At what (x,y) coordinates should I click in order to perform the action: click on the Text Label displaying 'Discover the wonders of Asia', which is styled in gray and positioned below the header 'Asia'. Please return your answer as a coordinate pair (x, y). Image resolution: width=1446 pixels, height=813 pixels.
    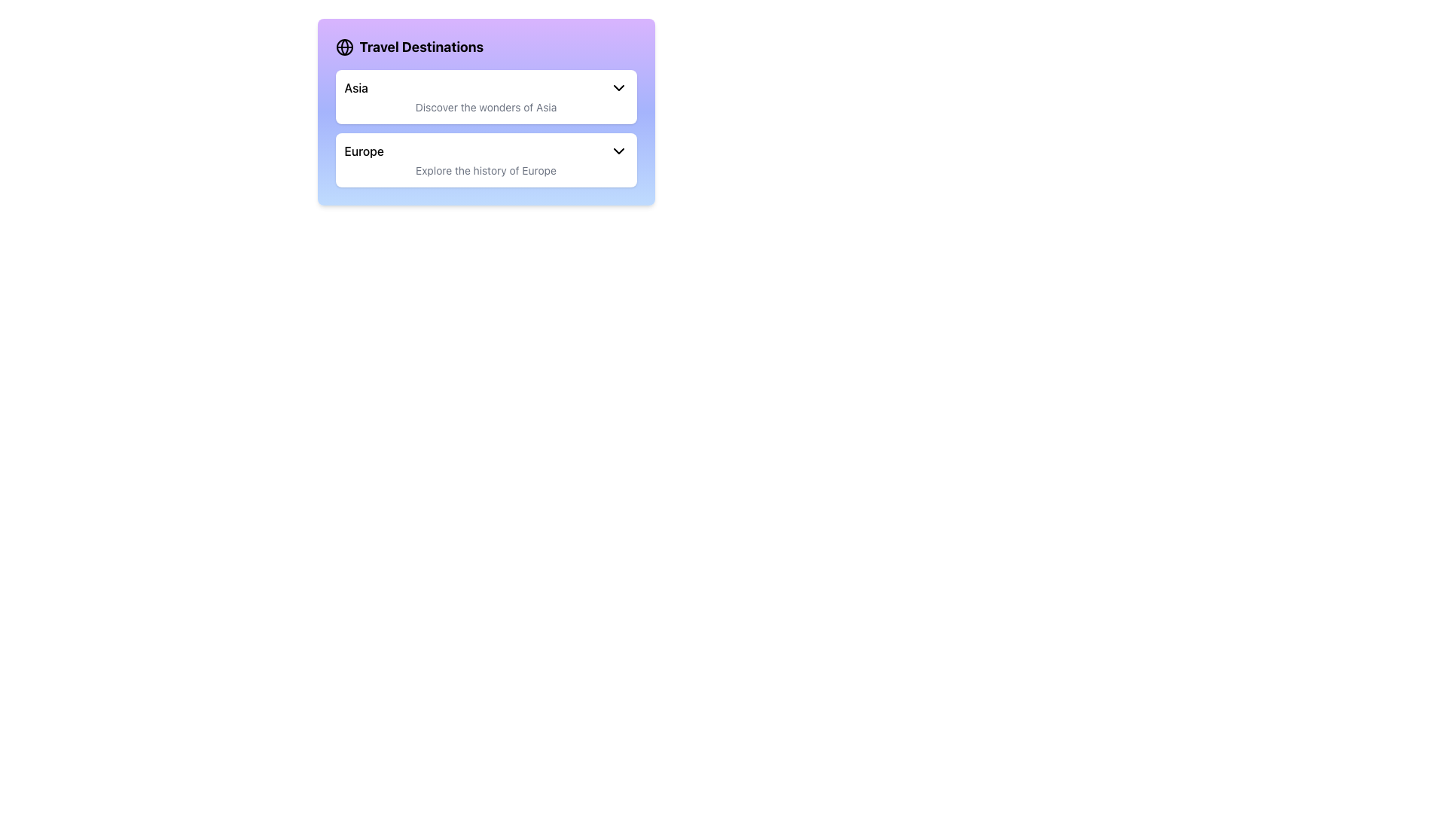
    Looking at the image, I should click on (486, 106).